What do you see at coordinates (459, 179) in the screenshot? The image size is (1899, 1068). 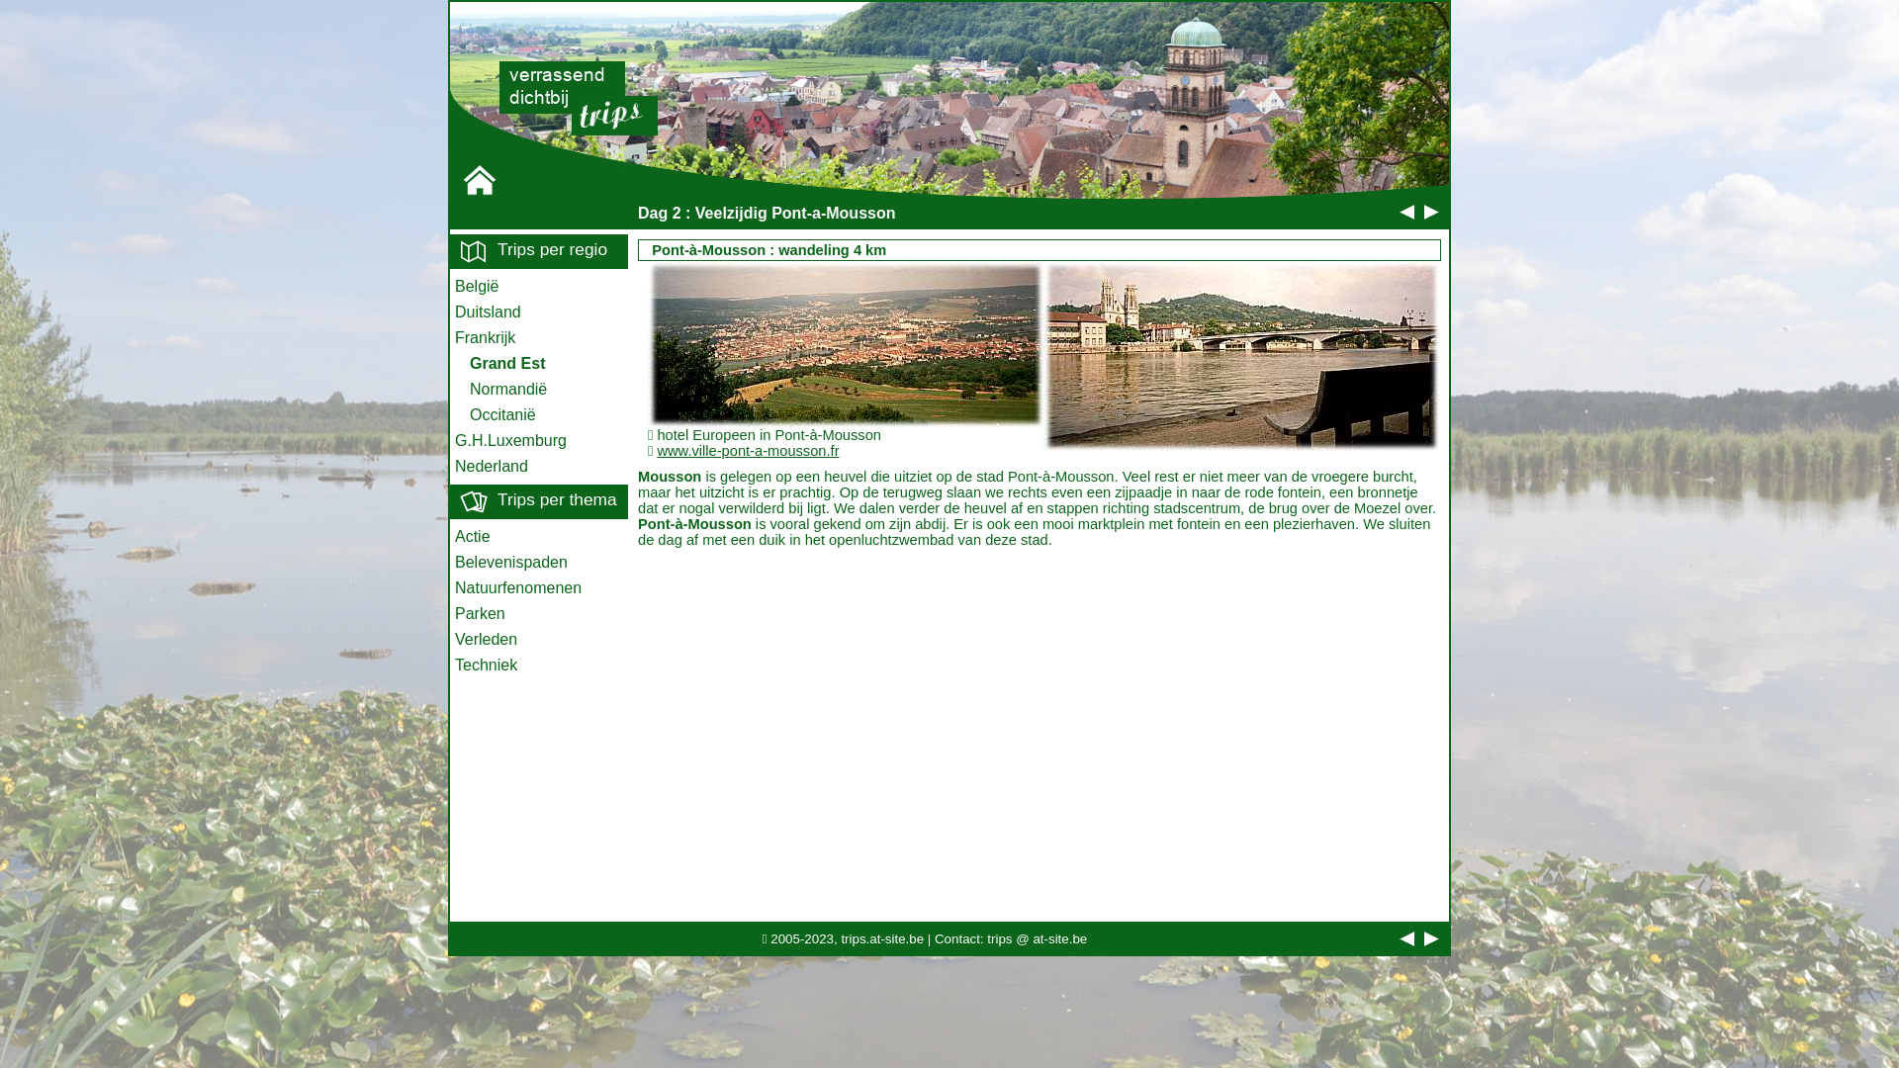 I see `'Home'` at bounding box center [459, 179].